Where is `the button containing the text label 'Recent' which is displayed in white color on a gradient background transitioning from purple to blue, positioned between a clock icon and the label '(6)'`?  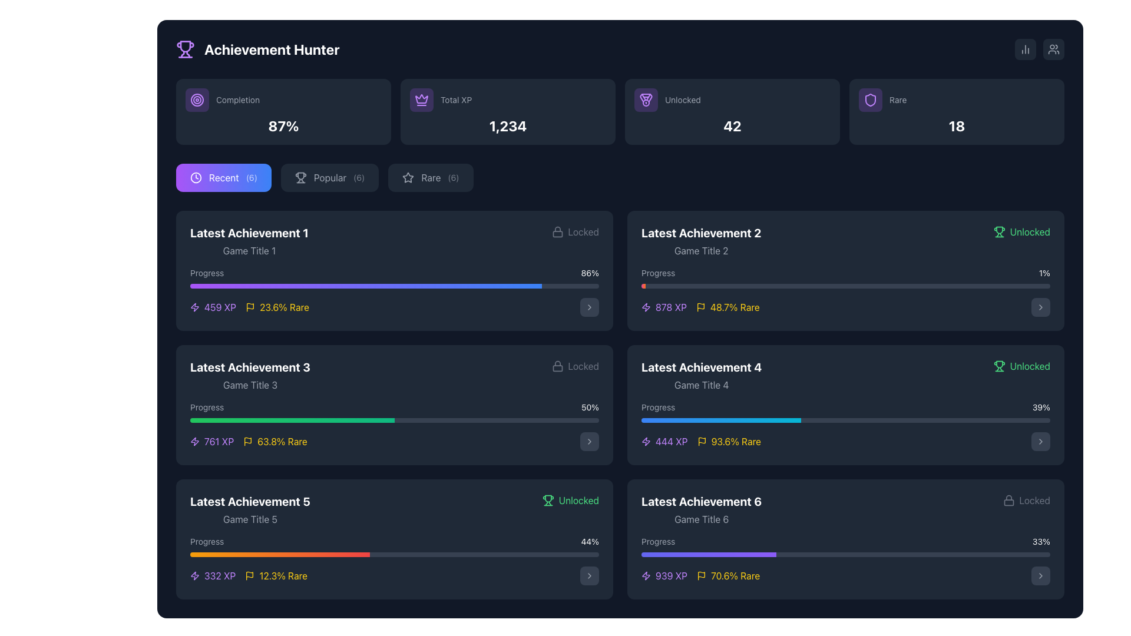 the button containing the text label 'Recent' which is displayed in white color on a gradient background transitioning from purple to blue, positioned between a clock icon and the label '(6)' is located at coordinates (224, 177).